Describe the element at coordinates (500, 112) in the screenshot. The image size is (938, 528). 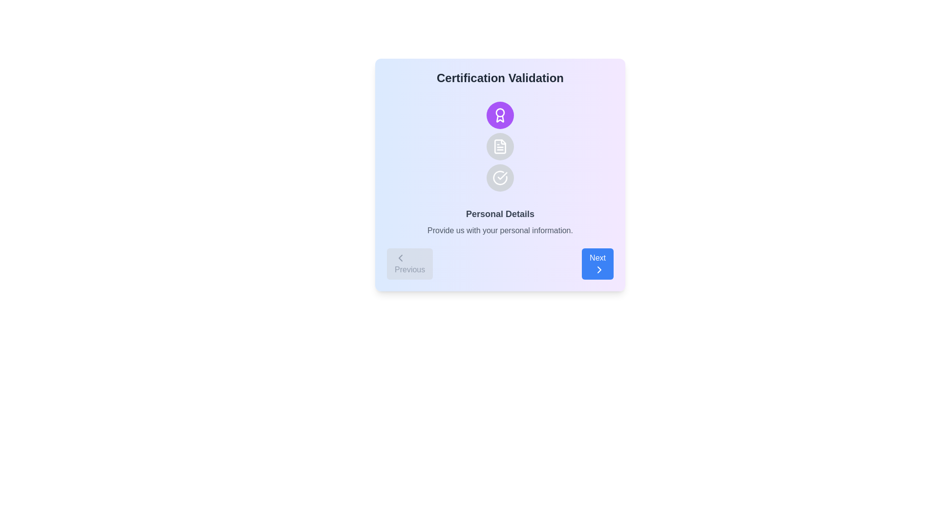
I see `the SVG circle graphic that represents an award icon, located at the top of the vertical progression visual in the center of the modal` at that location.